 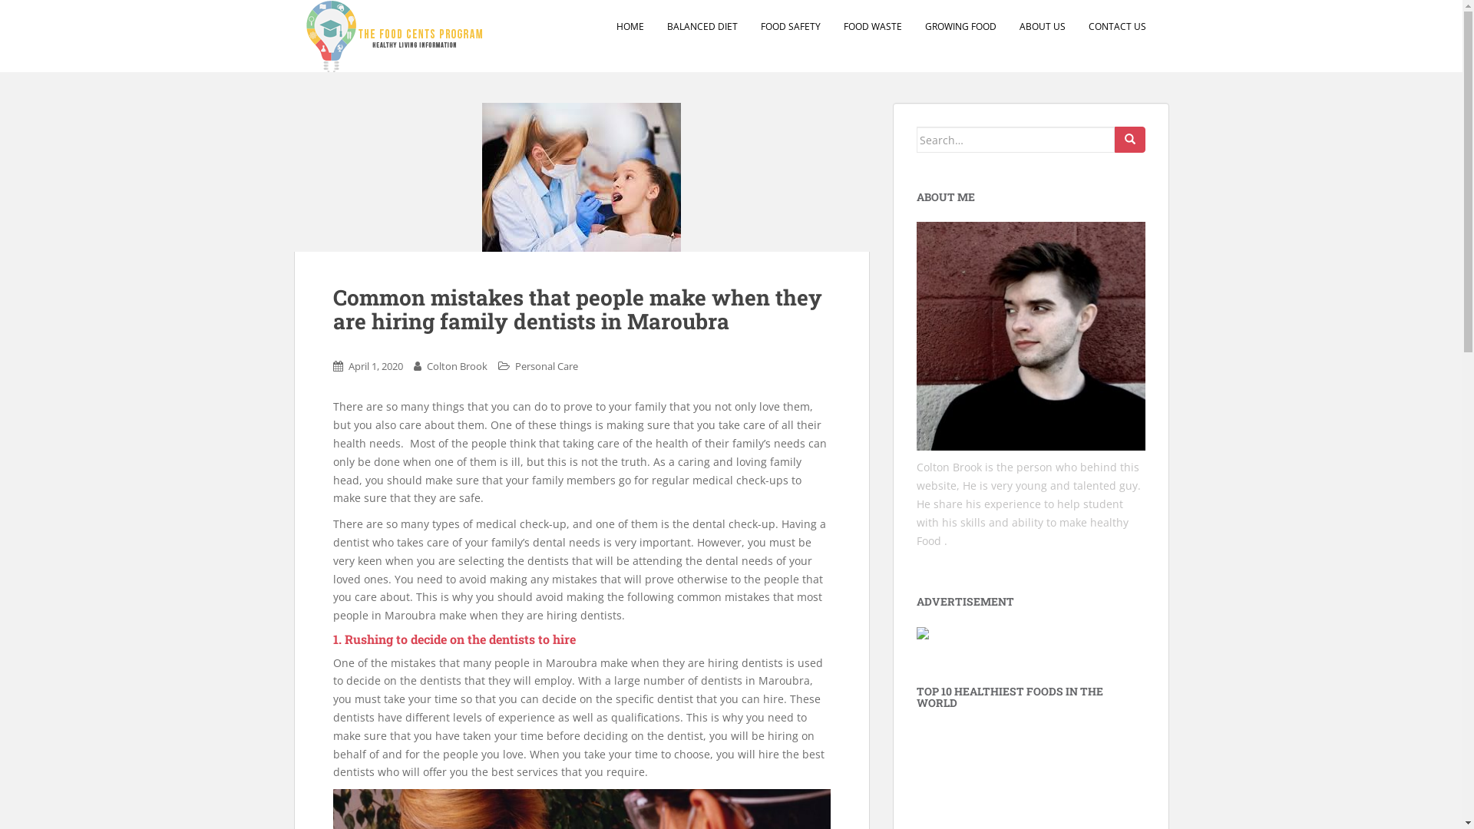 What do you see at coordinates (700, 26) in the screenshot?
I see `'BALANCED DIET'` at bounding box center [700, 26].